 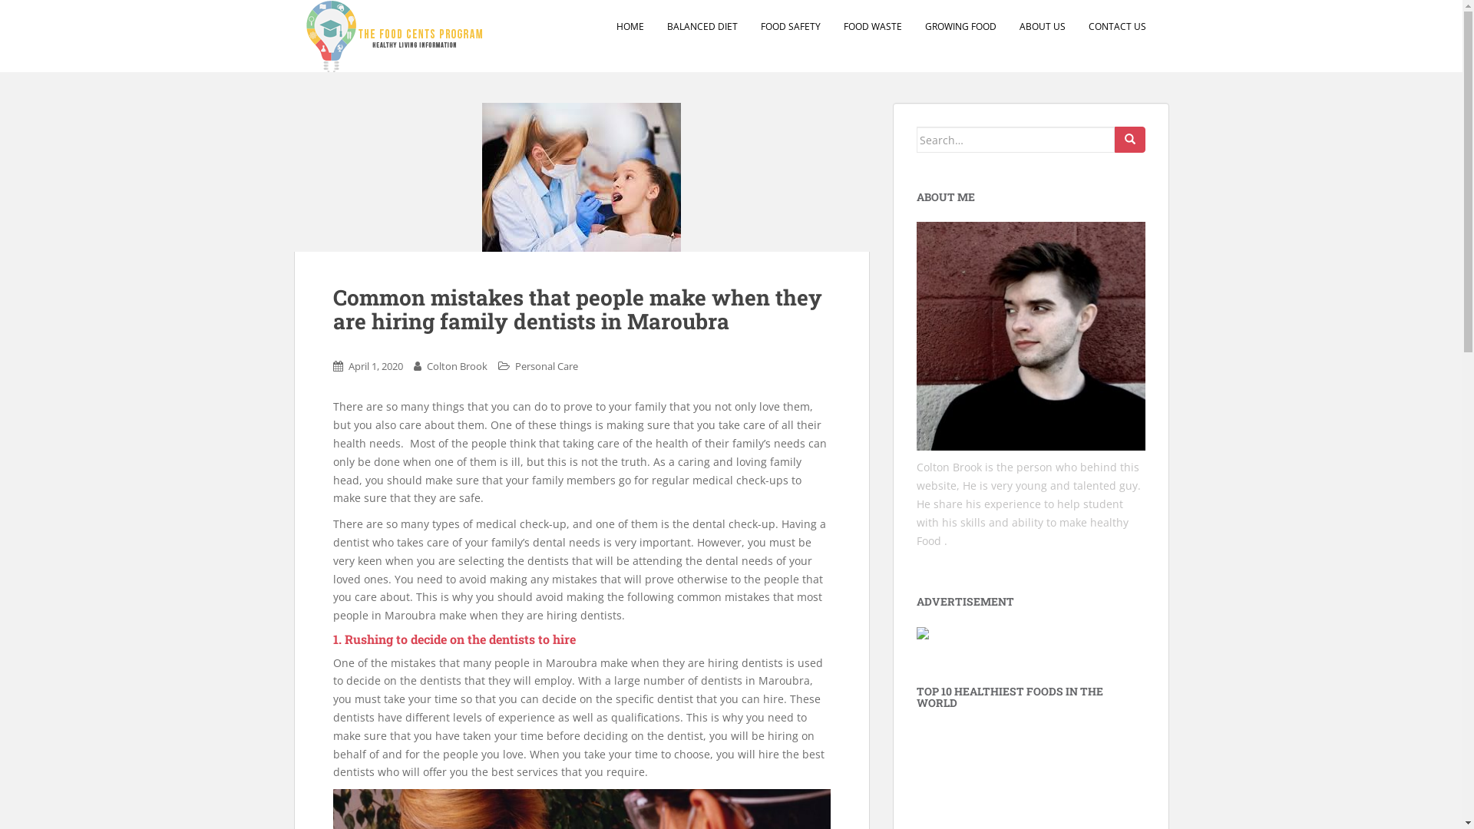 What do you see at coordinates (700, 26) in the screenshot?
I see `'BALANCED DIET'` at bounding box center [700, 26].